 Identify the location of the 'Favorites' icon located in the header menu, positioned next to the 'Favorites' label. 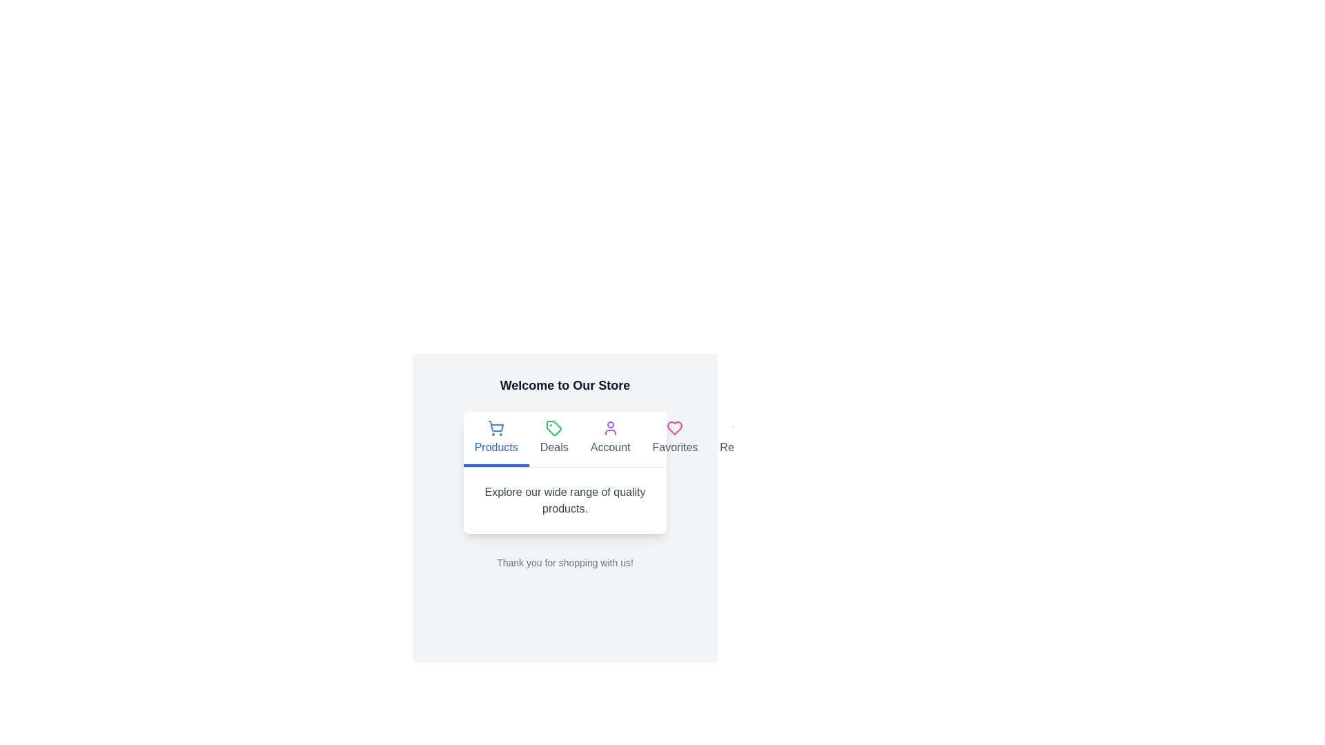
(675, 428).